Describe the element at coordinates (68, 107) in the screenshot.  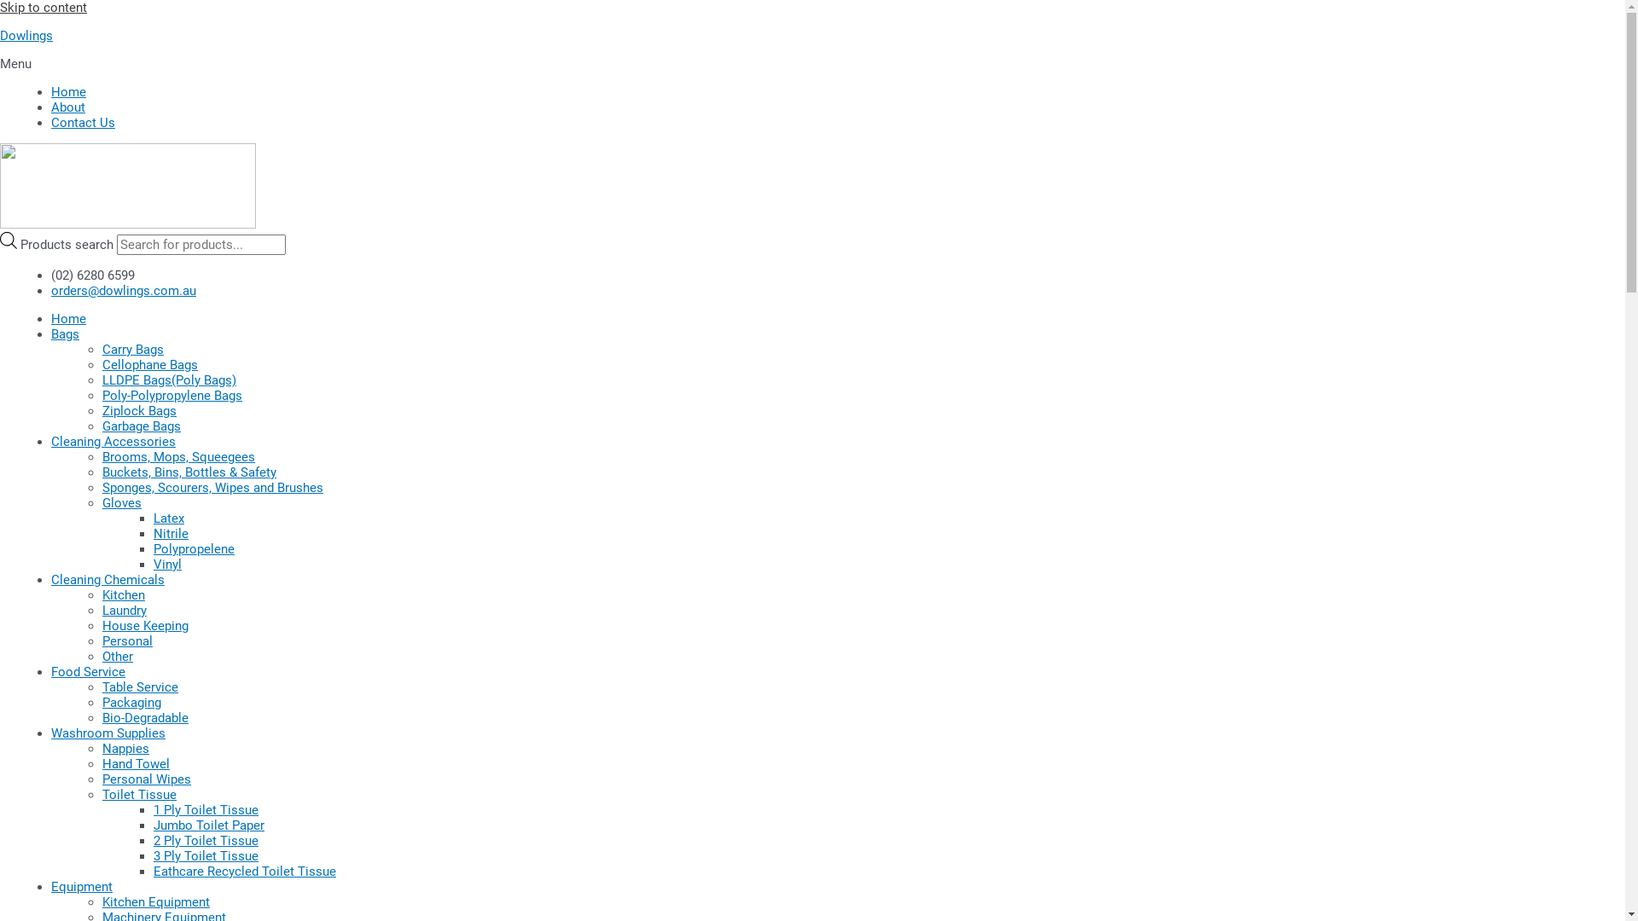
I see `'About'` at that location.